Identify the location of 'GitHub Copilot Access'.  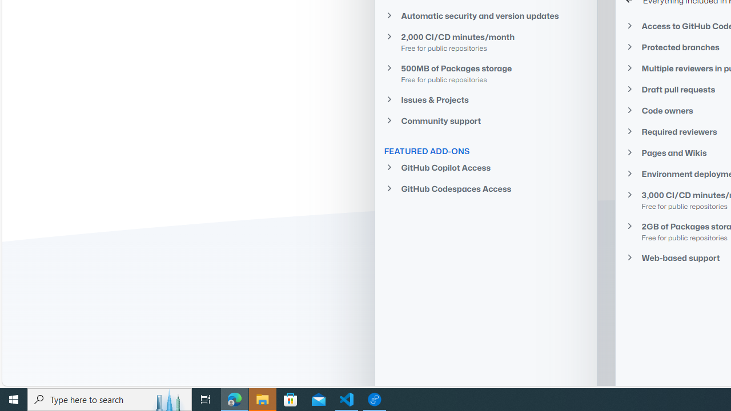
(486, 167).